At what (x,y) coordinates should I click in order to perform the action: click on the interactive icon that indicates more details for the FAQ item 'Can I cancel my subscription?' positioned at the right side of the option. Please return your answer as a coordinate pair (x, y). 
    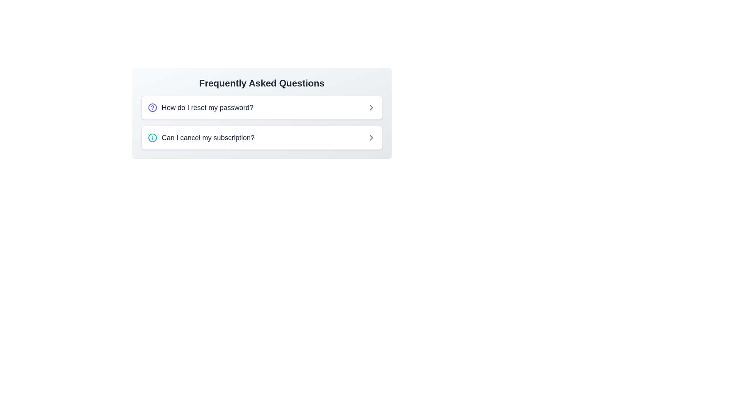
    Looking at the image, I should click on (371, 137).